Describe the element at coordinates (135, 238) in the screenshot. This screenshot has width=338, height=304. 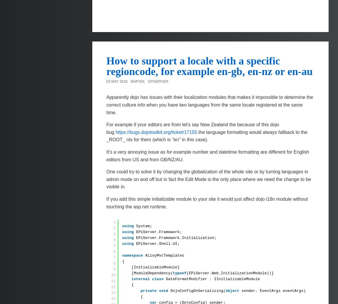
I see `'EPiServer.Framework.Initialization;'` at that location.